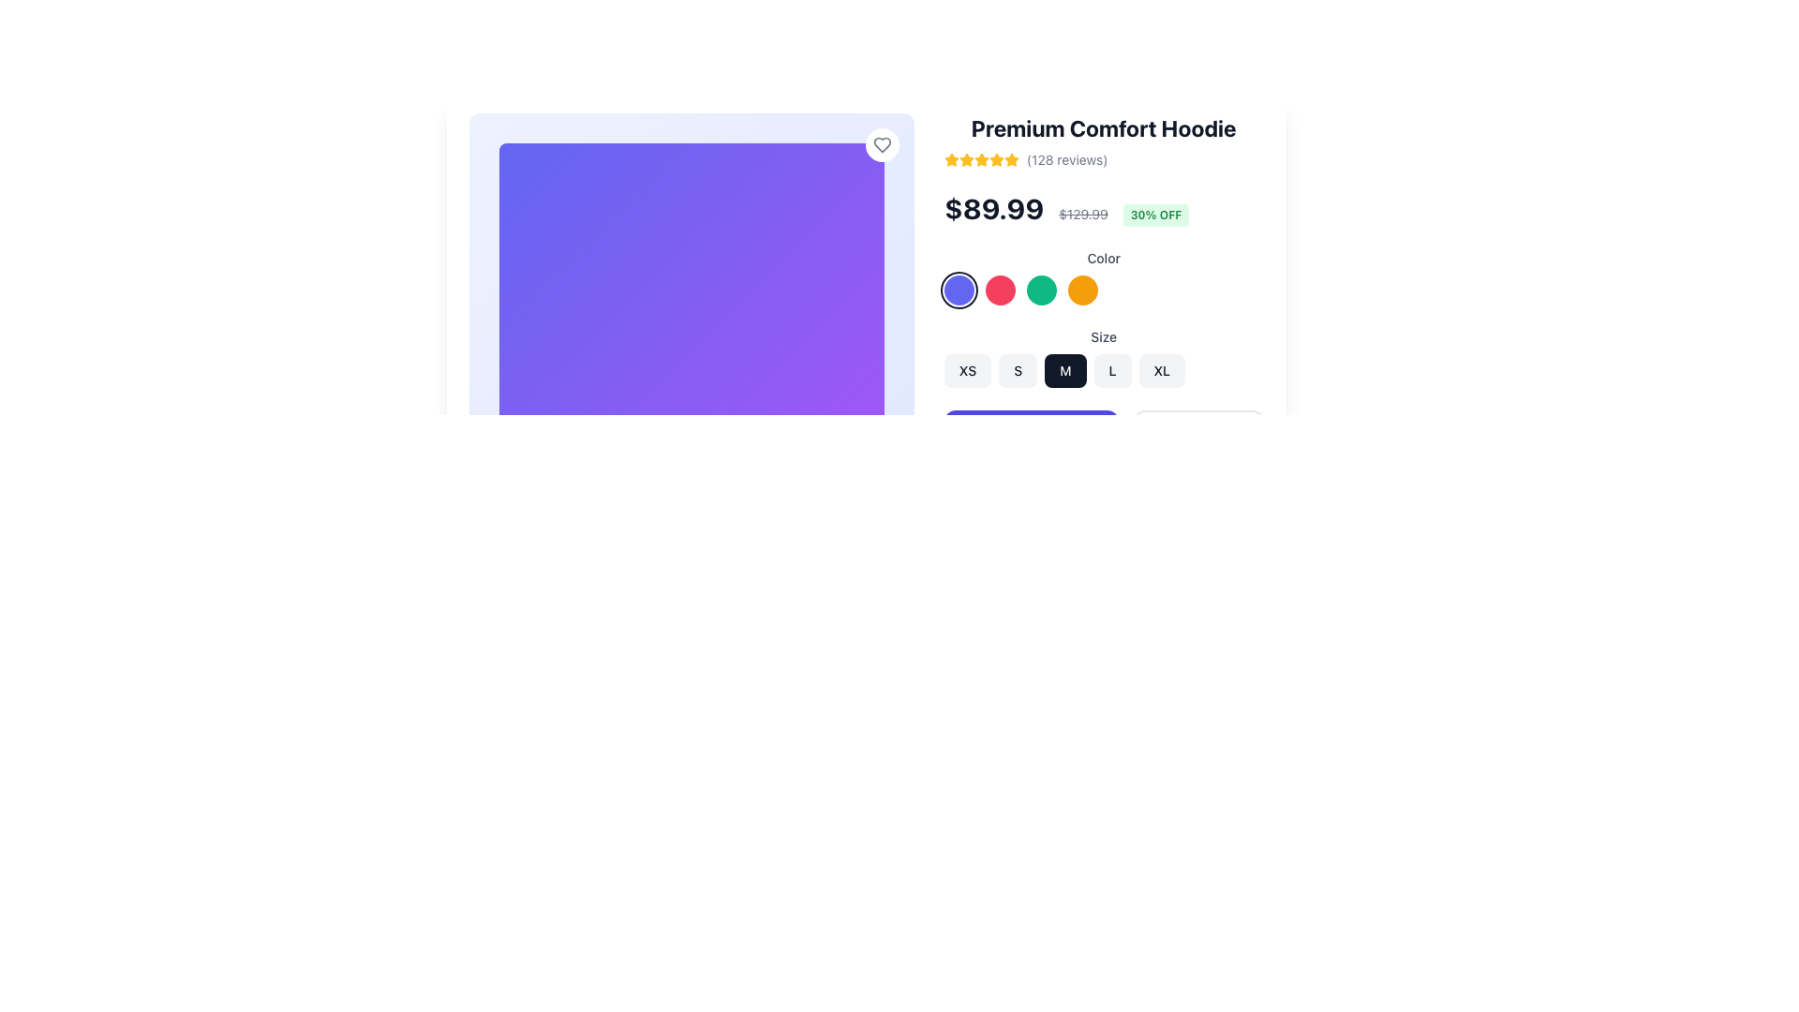 This screenshot has width=1799, height=1012. I want to click on the fifth star icon in the product rating system adjacent to the title 'Premium Comfort Hoodie' to interact with the rating, so click(967, 158).